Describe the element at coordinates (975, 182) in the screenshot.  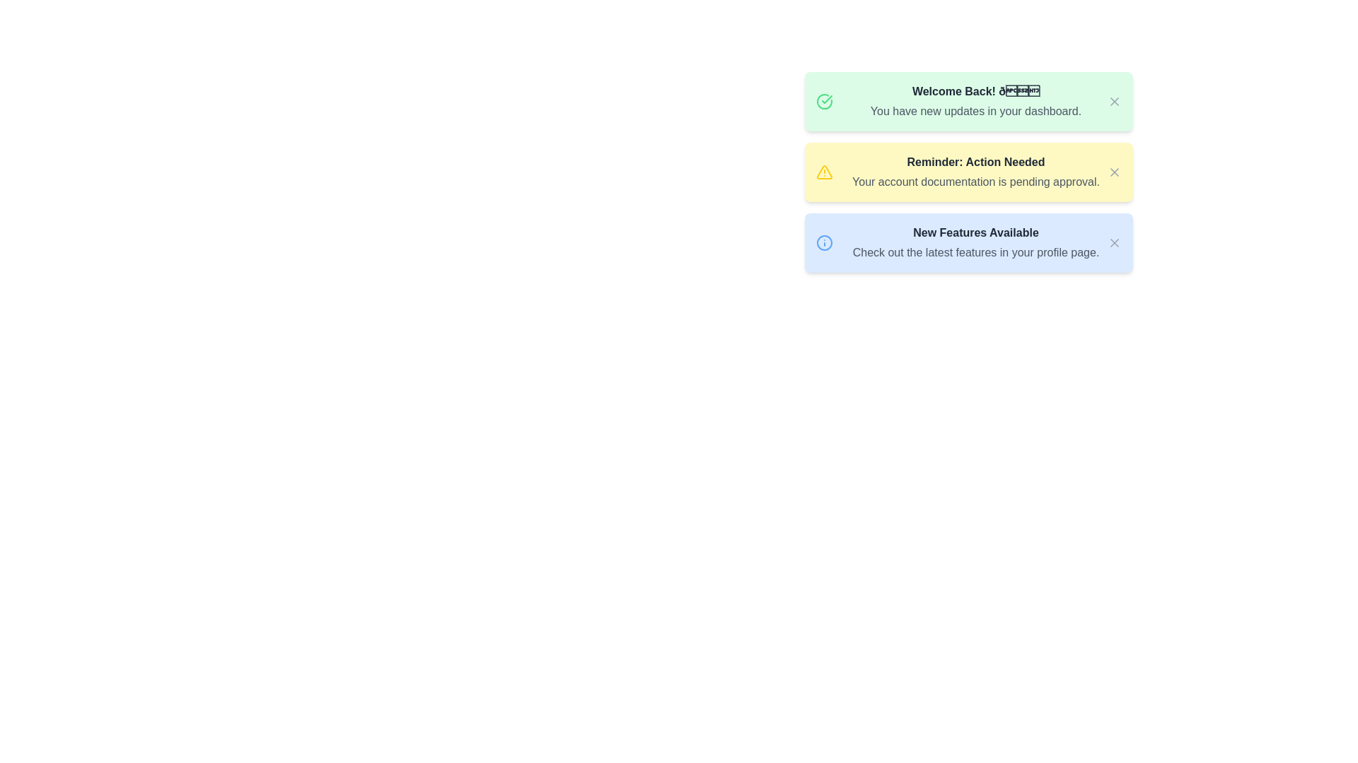
I see `information displayed in the gray text label that says 'Your account documentation is pending approval.' located directly below the title 'Reminder: Action Needed' within the yellow-highlighted notification box` at that location.